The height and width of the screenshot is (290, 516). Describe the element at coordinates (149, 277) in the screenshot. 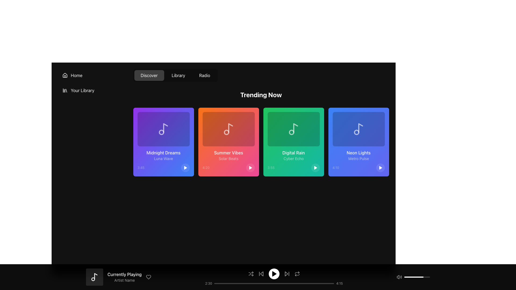

I see `the interactive 'like' or 'favorite' button located in the bottom bar, to the right of 'Currently Playing' and 'Artist Name', to like or unlike the currently playing item` at that location.